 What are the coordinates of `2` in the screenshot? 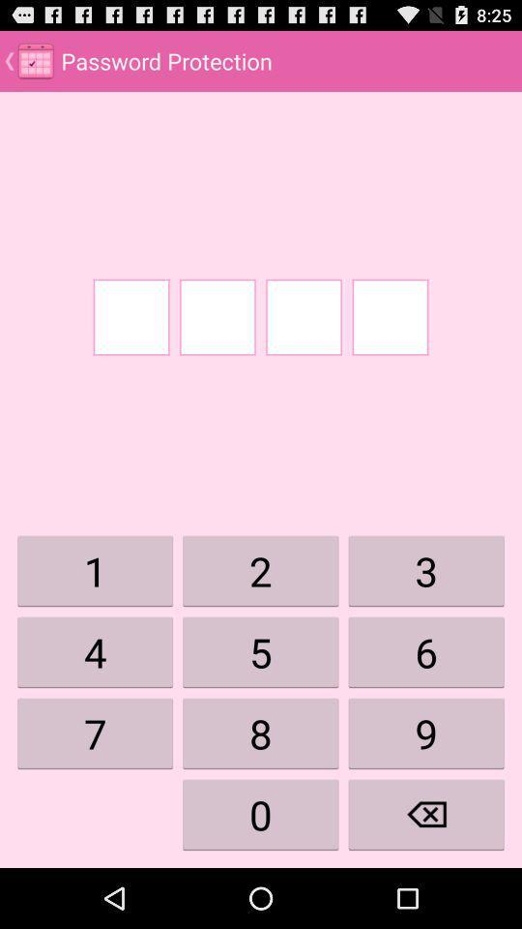 It's located at (261, 571).